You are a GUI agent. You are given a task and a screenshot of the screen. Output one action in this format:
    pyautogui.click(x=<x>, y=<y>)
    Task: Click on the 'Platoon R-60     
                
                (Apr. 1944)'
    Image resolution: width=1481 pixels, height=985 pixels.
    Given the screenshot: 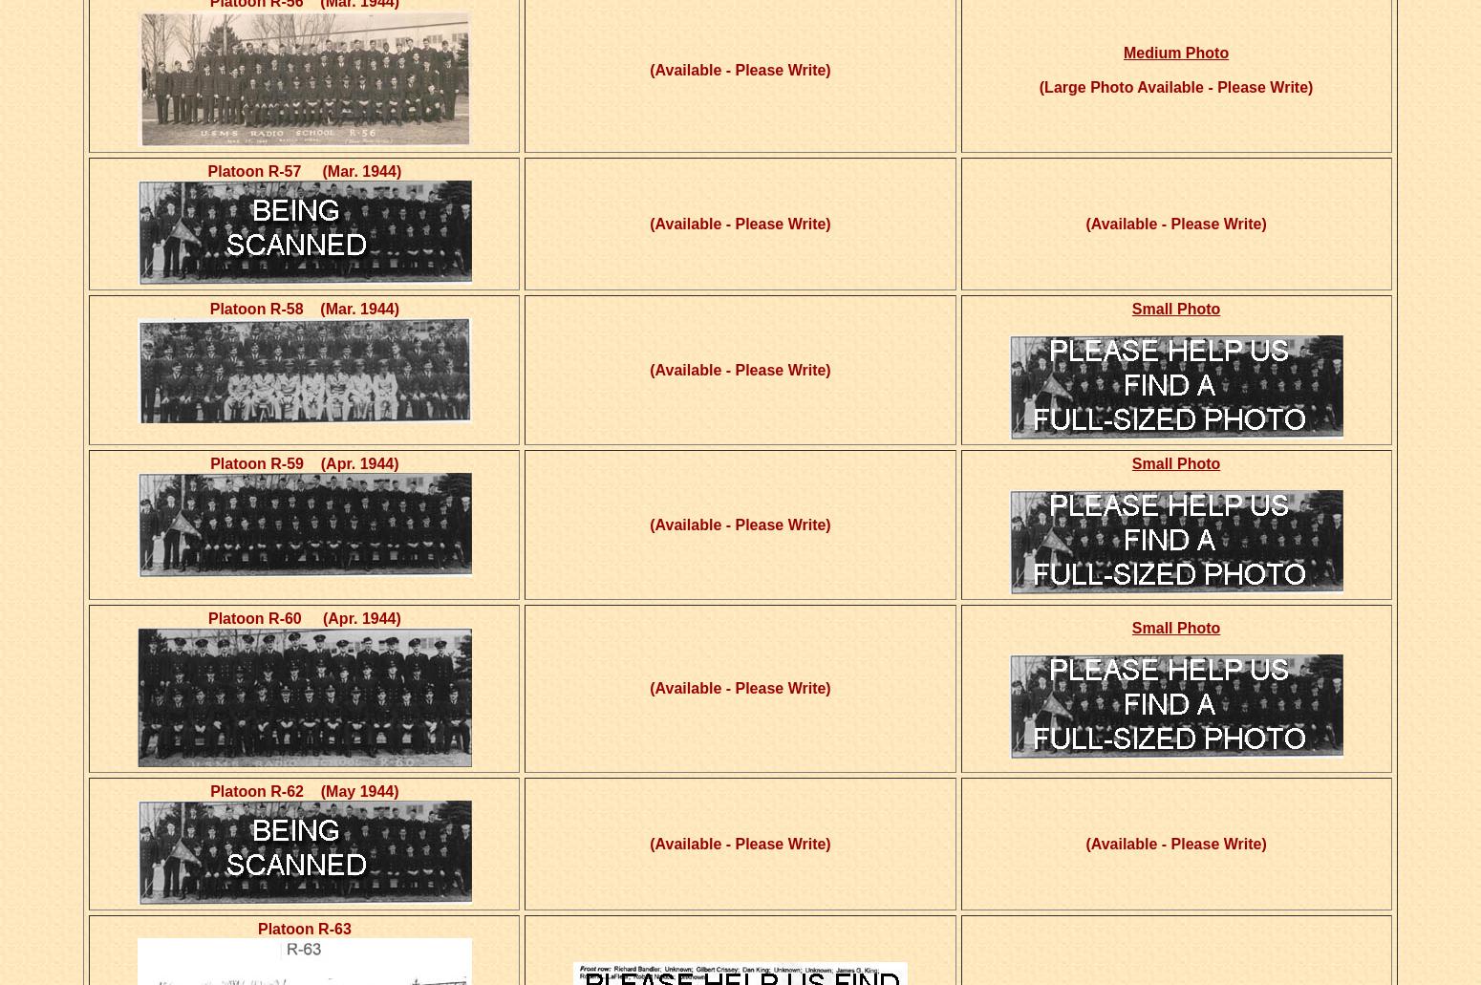 What is the action you would take?
    pyautogui.click(x=303, y=618)
    